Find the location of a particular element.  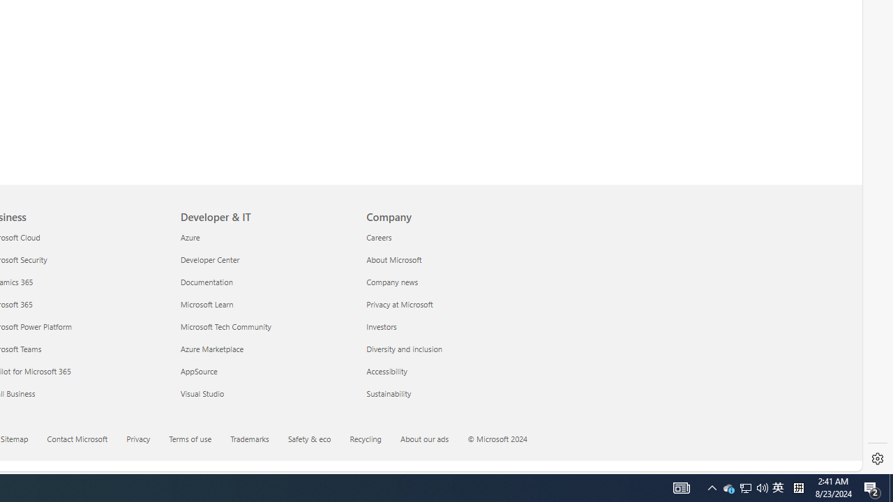

'Azure' is located at coordinates (265, 236).